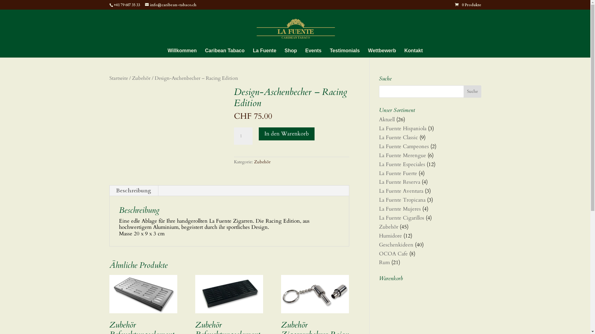  I want to click on '0 Produkte', so click(468, 5).